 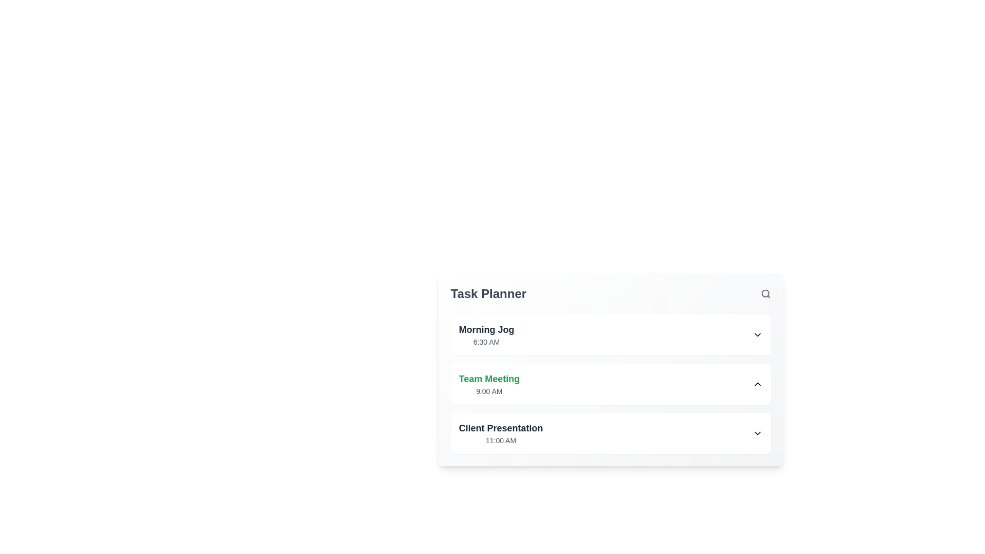 I want to click on the upward arrow icon button located on the rightmost side of the row containing 'Team Meeting' and '9:00 AM' to observe the tooltip or style change, so click(x=757, y=384).